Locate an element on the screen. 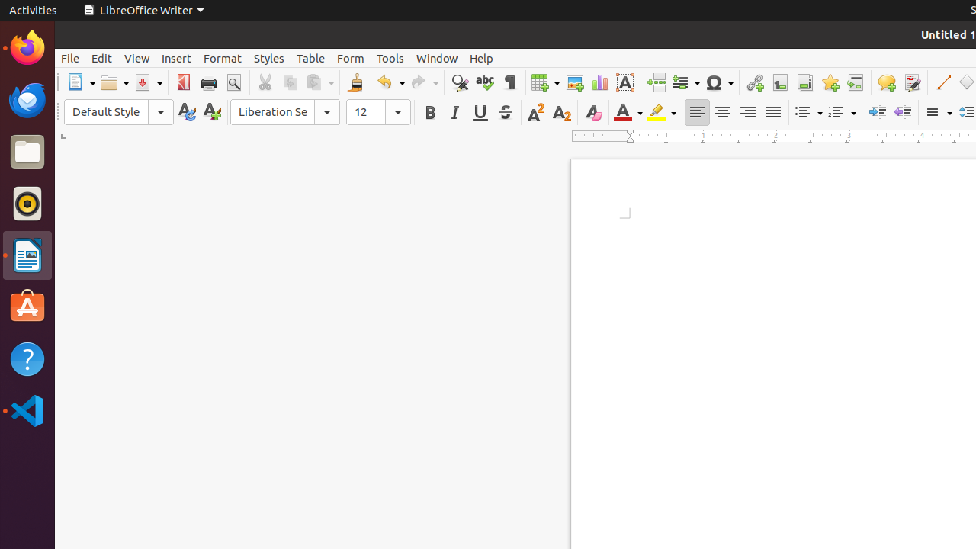 The width and height of the screenshot is (976, 549). 'Line Spacing' is located at coordinates (936, 111).